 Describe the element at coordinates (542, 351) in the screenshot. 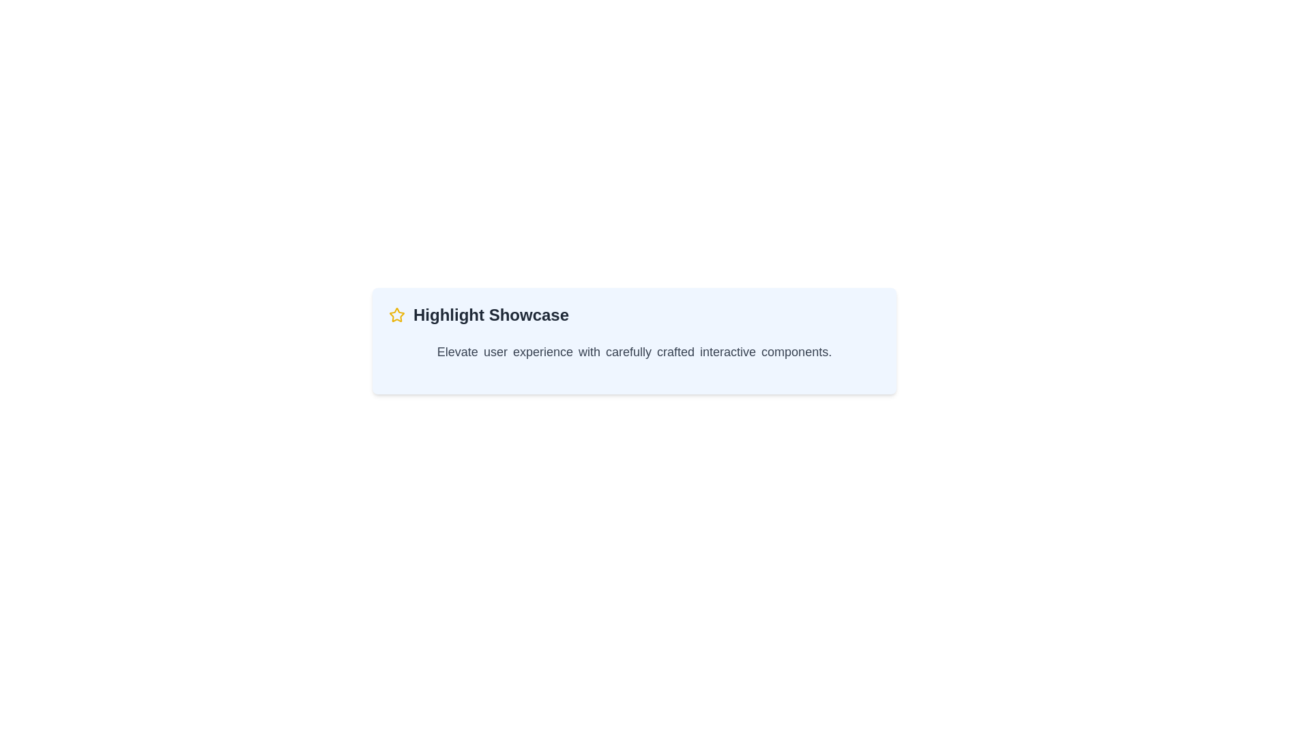

I see `the static text element positioned between the words 'user' and 'with' in the sentence 'Elevate user experience with carefully crafted interactive components.'` at that location.